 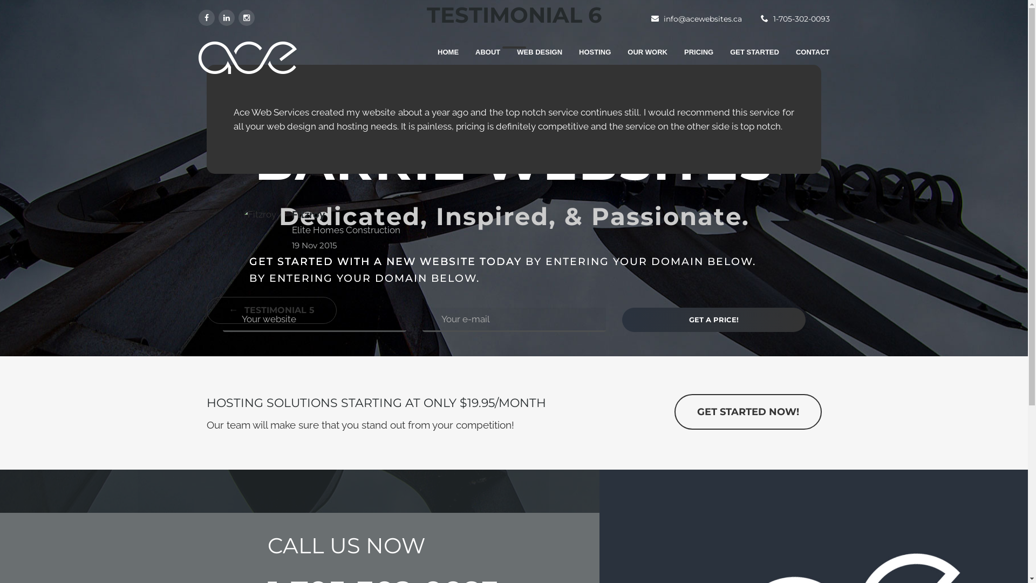 What do you see at coordinates (639, 58) in the screenshot?
I see `'OUR WORK'` at bounding box center [639, 58].